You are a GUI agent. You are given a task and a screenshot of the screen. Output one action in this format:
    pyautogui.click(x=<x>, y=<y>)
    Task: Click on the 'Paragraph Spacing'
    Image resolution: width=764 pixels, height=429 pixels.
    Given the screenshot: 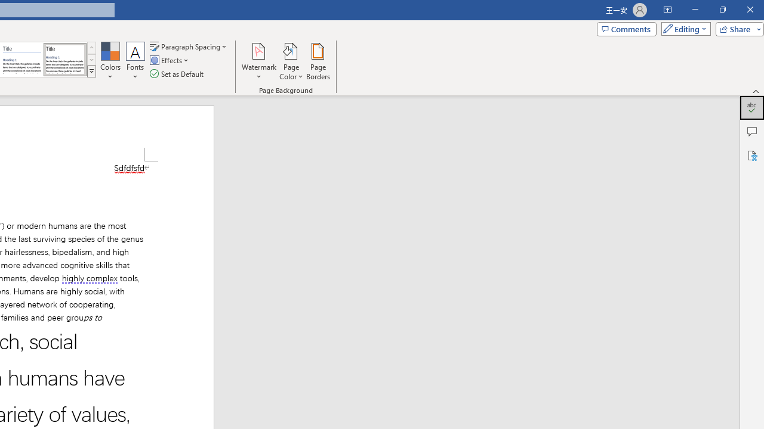 What is the action you would take?
    pyautogui.click(x=189, y=46)
    